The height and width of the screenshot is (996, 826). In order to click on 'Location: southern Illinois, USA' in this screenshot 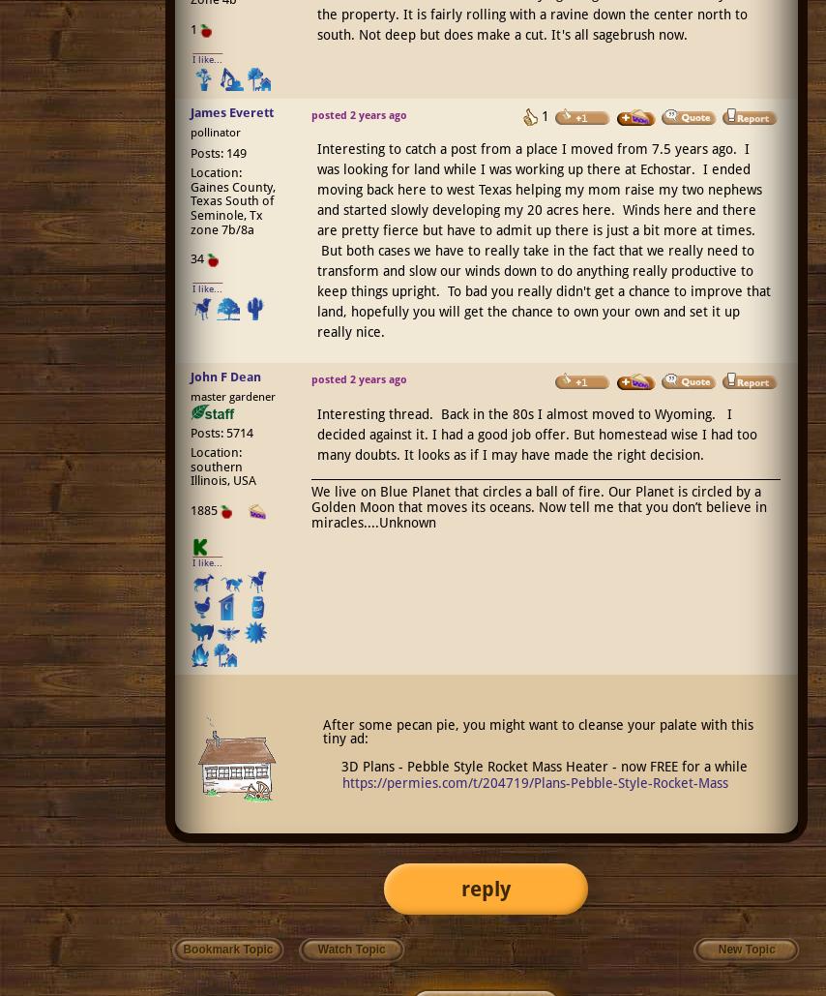, I will do `click(221, 466)`.